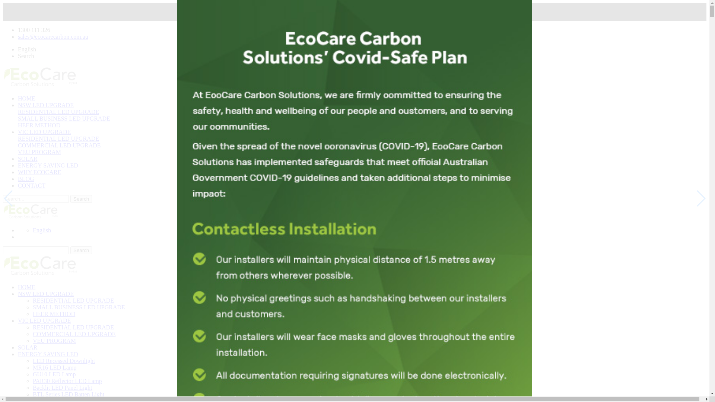 This screenshot has width=715, height=402. I want to click on 'CONTACT', so click(31, 185).